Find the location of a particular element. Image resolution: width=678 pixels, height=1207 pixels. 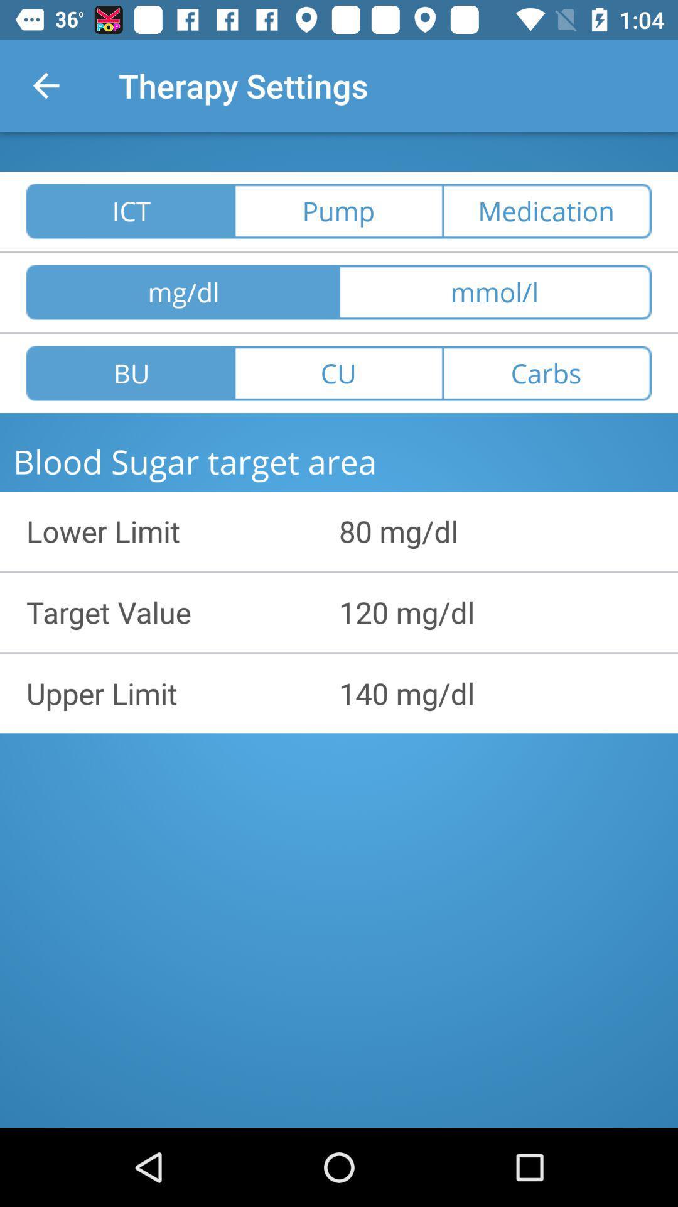

item to the left of carbs item is located at coordinates (338, 373).